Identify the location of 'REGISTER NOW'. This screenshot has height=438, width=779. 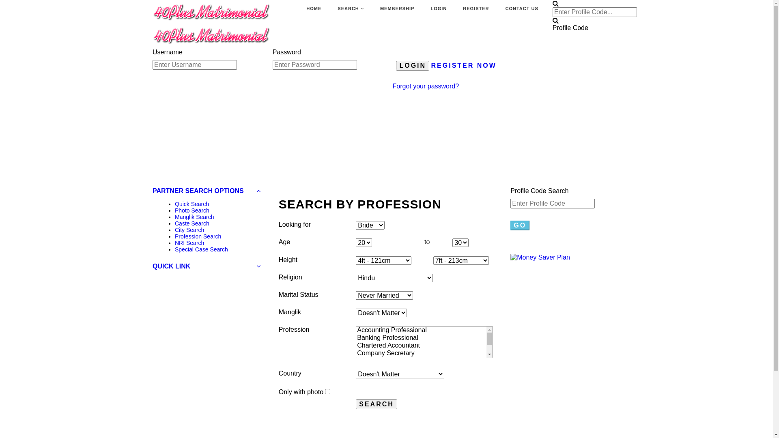
(464, 65).